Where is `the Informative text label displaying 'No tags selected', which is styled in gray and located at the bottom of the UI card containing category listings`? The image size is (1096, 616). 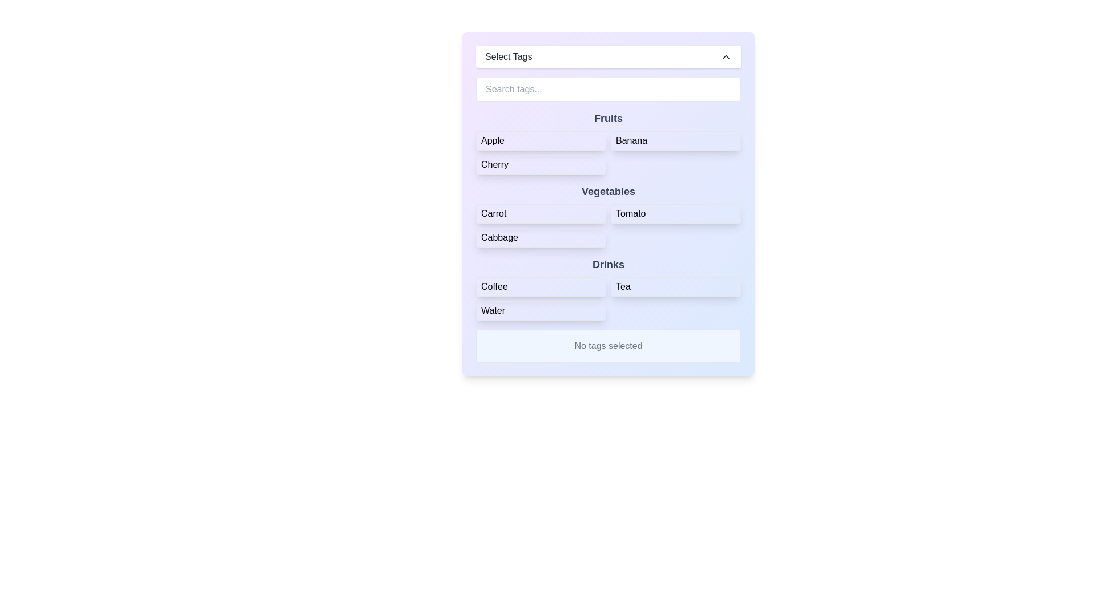 the Informative text label displaying 'No tags selected', which is styled in gray and located at the bottom of the UI card containing category listings is located at coordinates (607, 345).